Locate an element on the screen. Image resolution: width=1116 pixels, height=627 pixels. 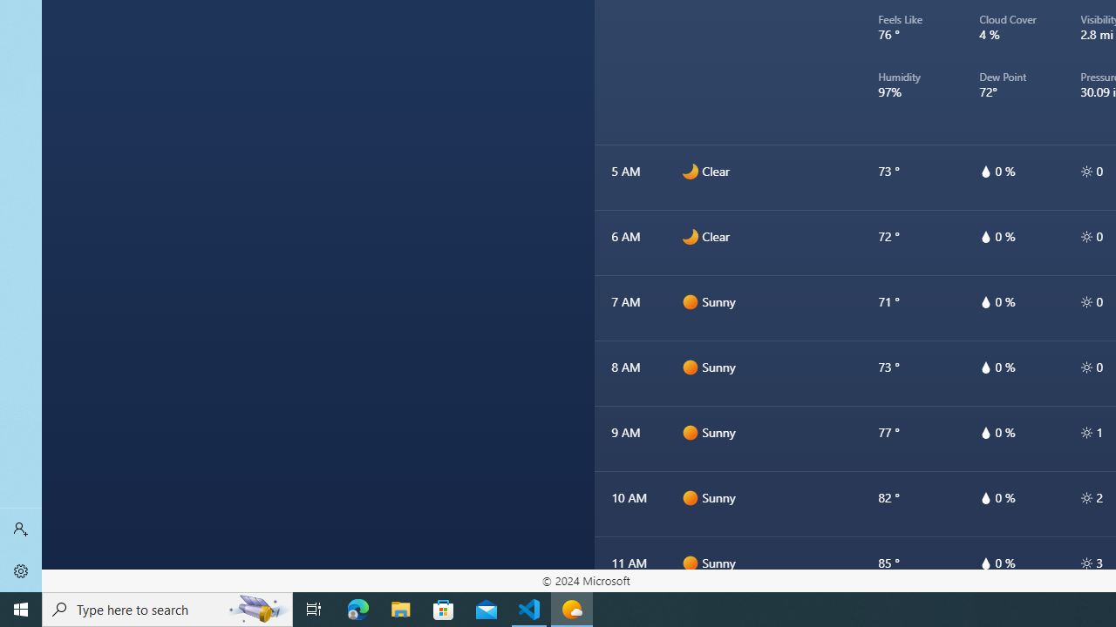
'Weather - 1 running window' is located at coordinates (572, 608).